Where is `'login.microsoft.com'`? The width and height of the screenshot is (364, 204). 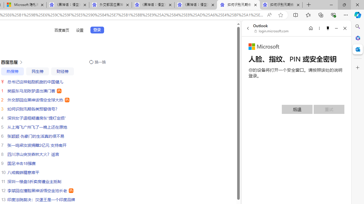
'login.microsoft.com' is located at coordinates (271, 31).